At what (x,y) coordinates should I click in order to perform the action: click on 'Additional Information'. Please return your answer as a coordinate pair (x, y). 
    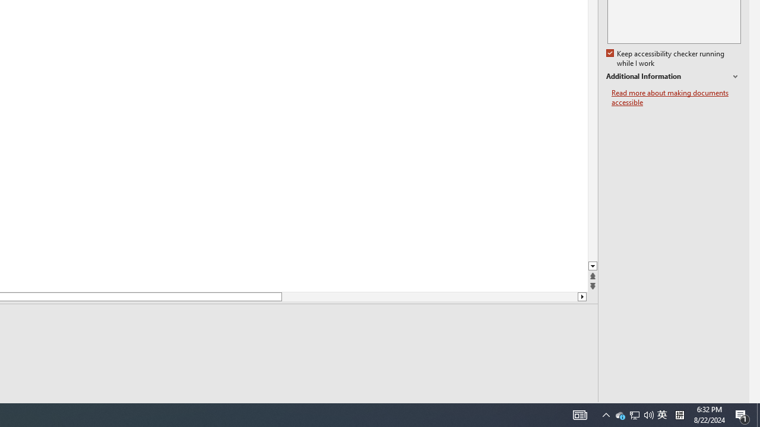
    Looking at the image, I should click on (673, 77).